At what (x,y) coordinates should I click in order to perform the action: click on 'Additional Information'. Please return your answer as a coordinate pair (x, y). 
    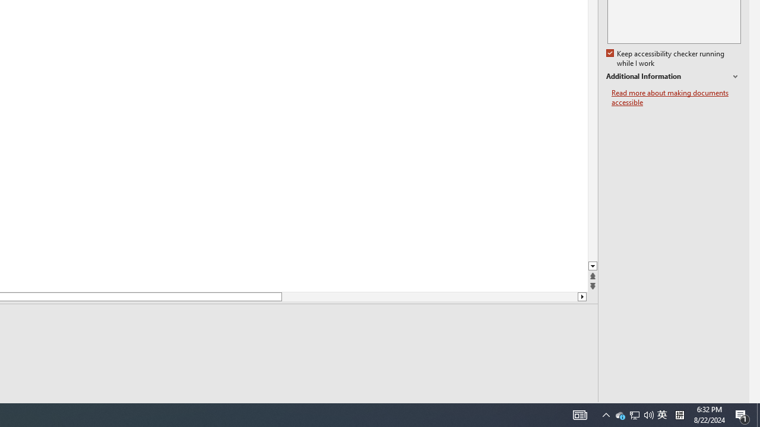
    Looking at the image, I should click on (673, 77).